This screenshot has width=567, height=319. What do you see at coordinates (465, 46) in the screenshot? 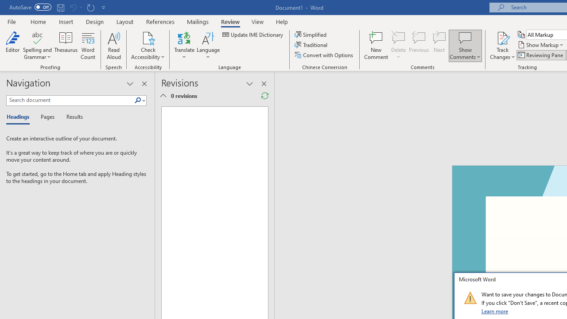
I see `'Show Comments'` at bounding box center [465, 46].